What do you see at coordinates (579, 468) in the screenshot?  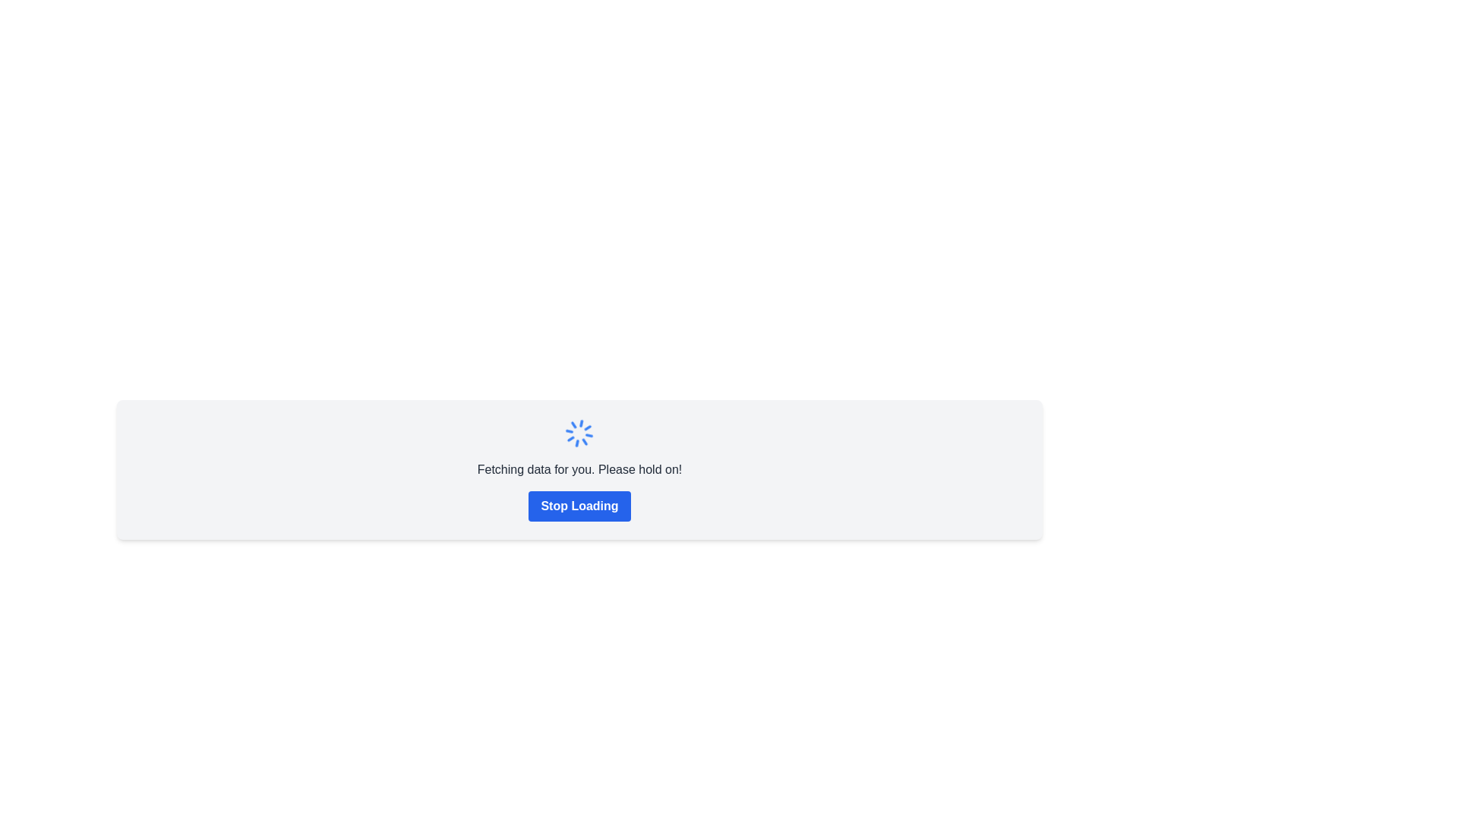 I see `the informational text label displaying 'Fetching data for you. Please hold on!' which is located in the center of the loading interface` at bounding box center [579, 468].